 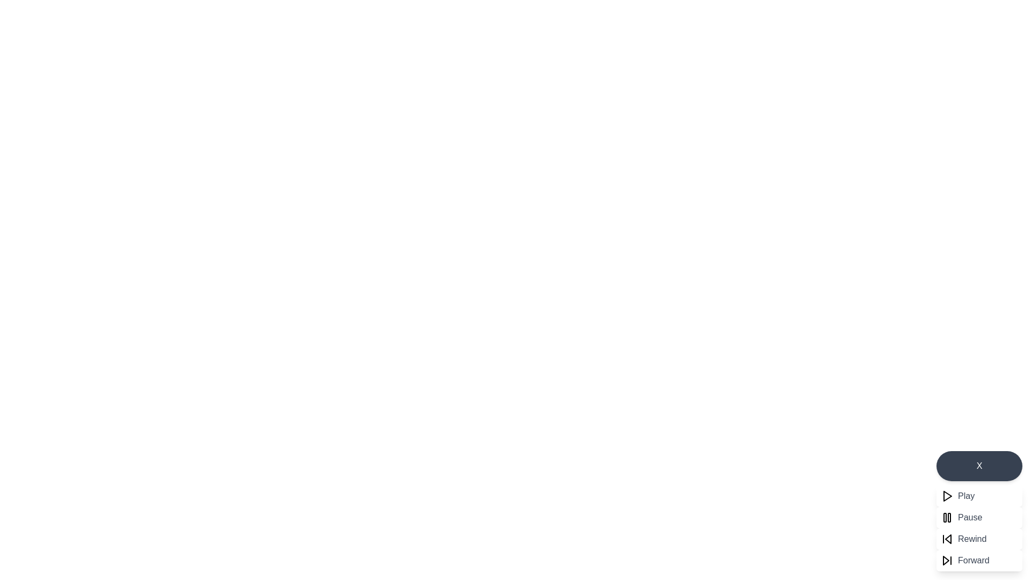 What do you see at coordinates (979, 539) in the screenshot?
I see `the 'Rewind' option in the MultimediaControlDial component` at bounding box center [979, 539].